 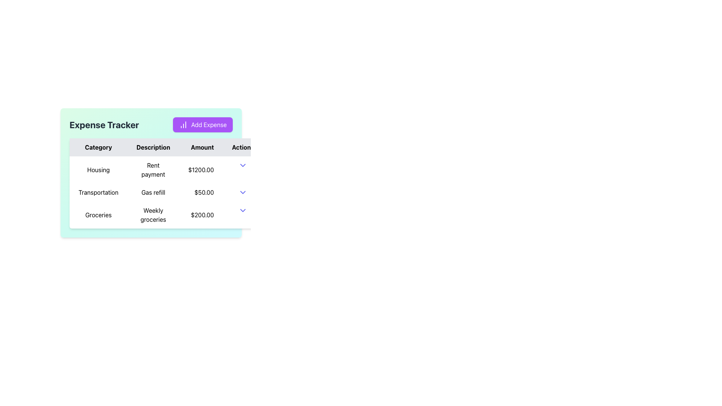 I want to click on the Dropdown Toggle Button with an indigo-colored stroke that is aligned with the 'Gas refill' item in the 'Transportation' row, so click(x=243, y=192).